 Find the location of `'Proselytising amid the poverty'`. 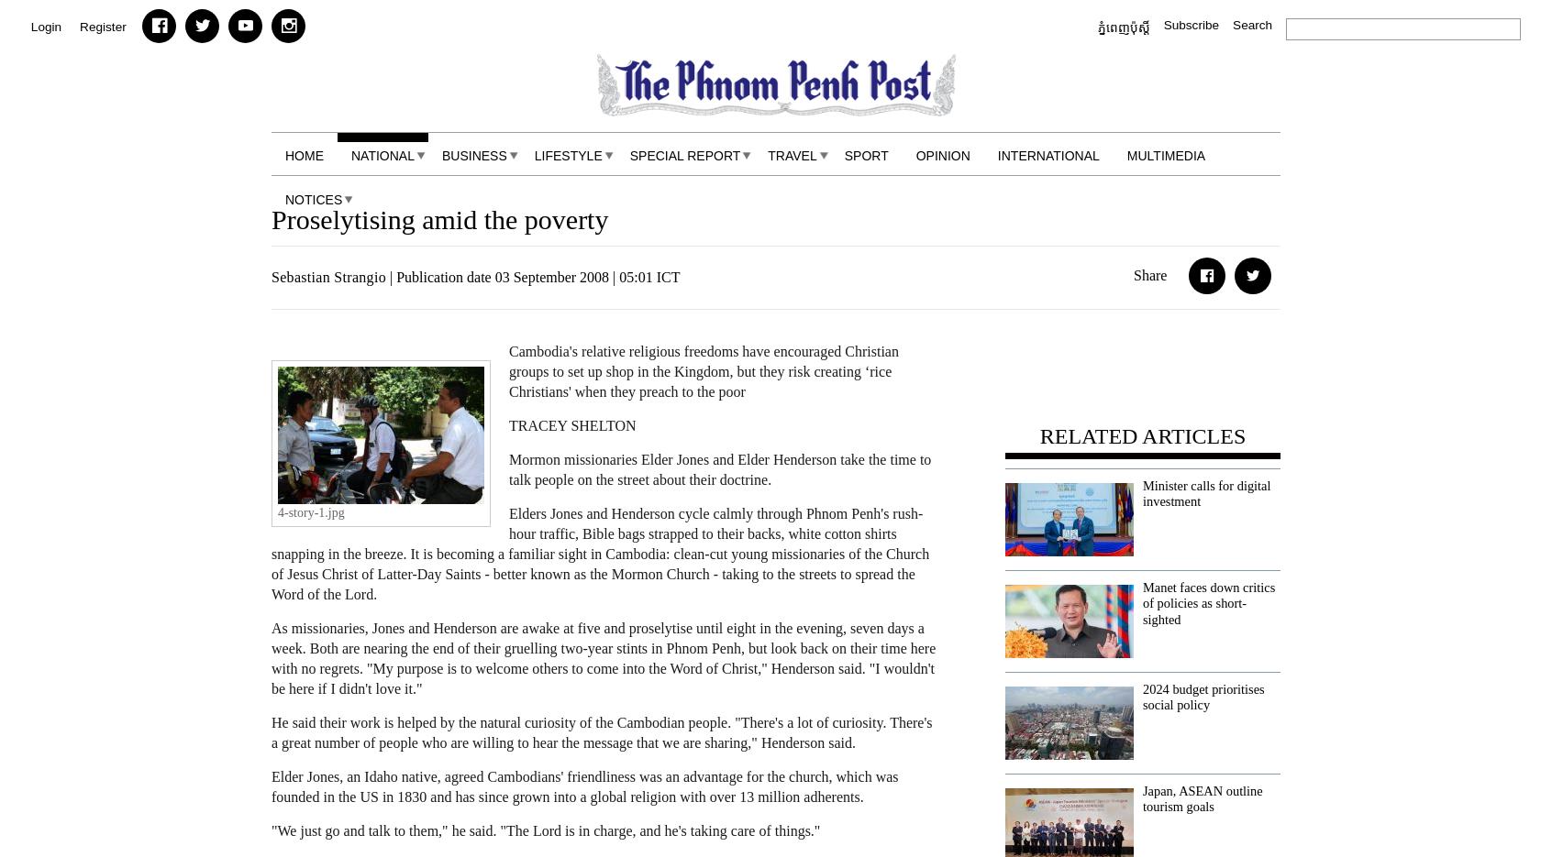

'Proselytising amid the poverty' is located at coordinates (438, 218).